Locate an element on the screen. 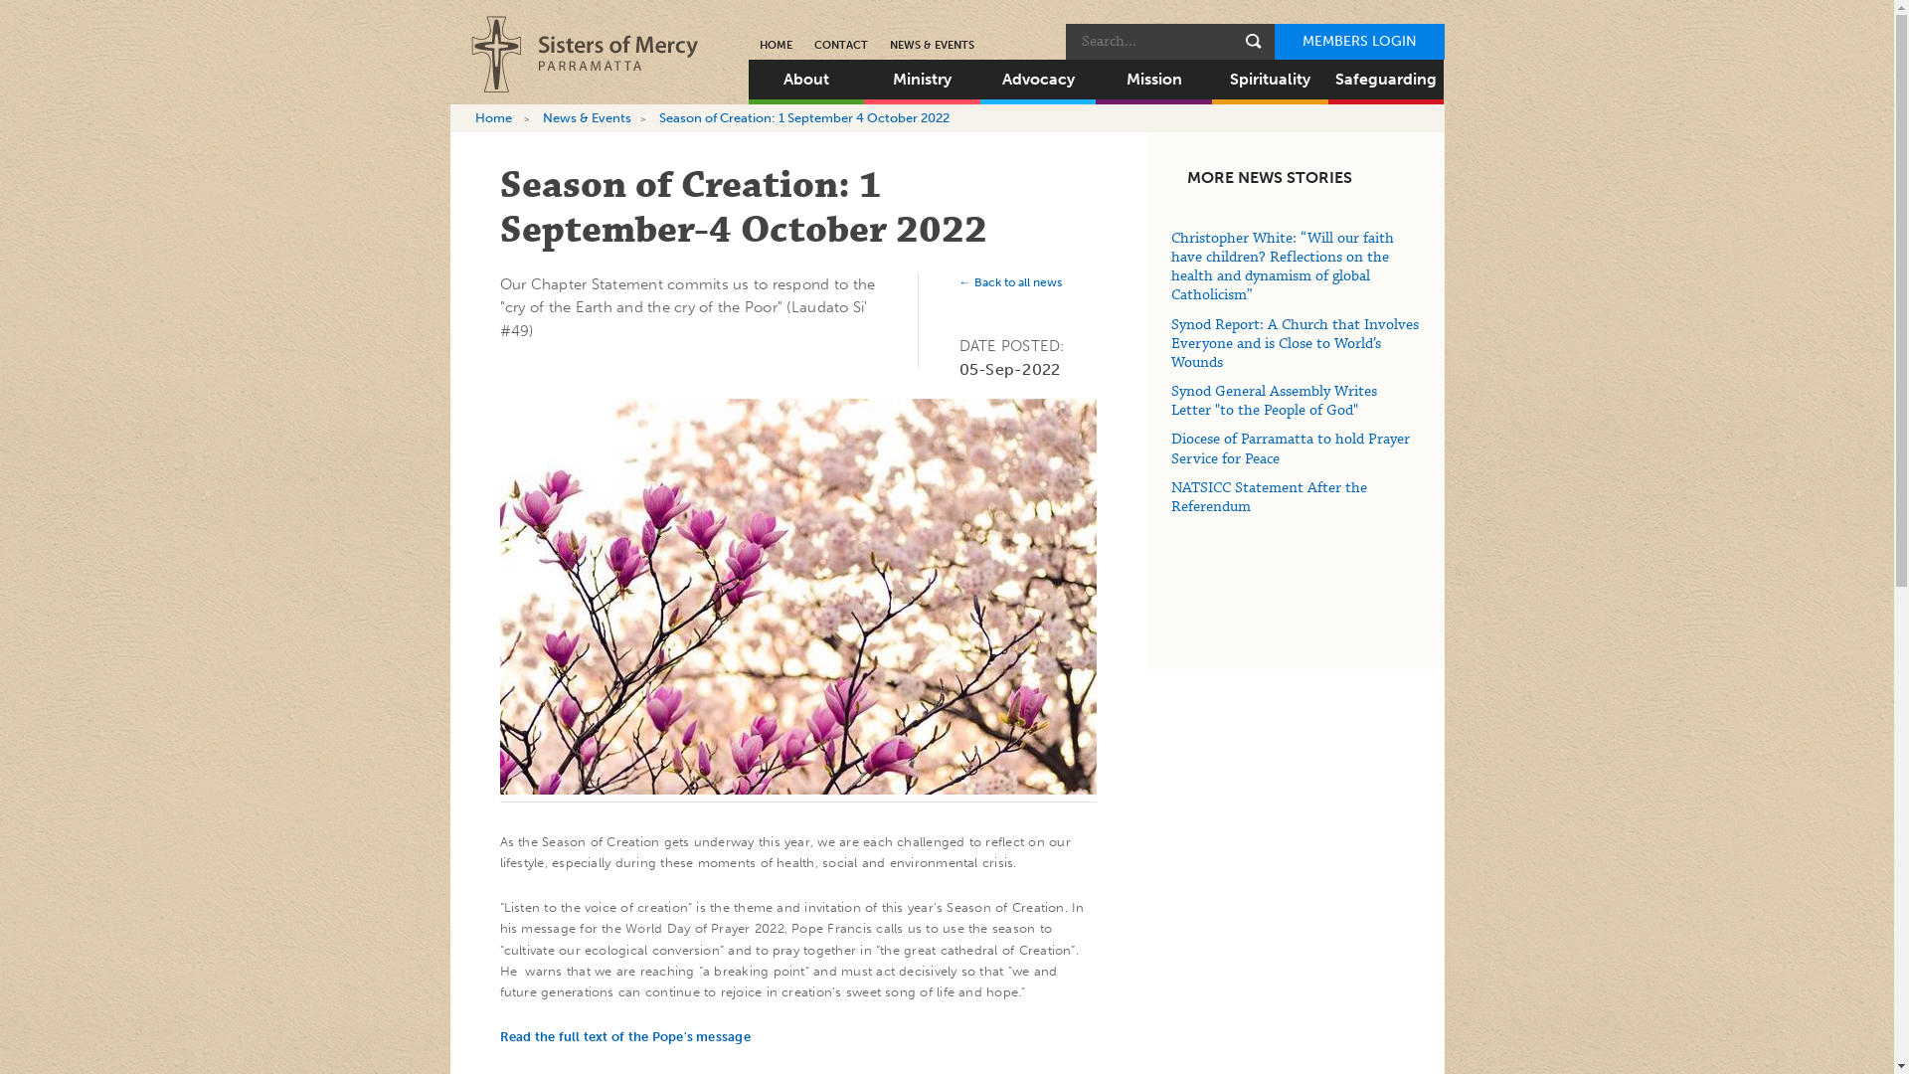 The width and height of the screenshot is (1909, 1074). 'Season of Creation: 1 September 4 October 2022' is located at coordinates (804, 117).